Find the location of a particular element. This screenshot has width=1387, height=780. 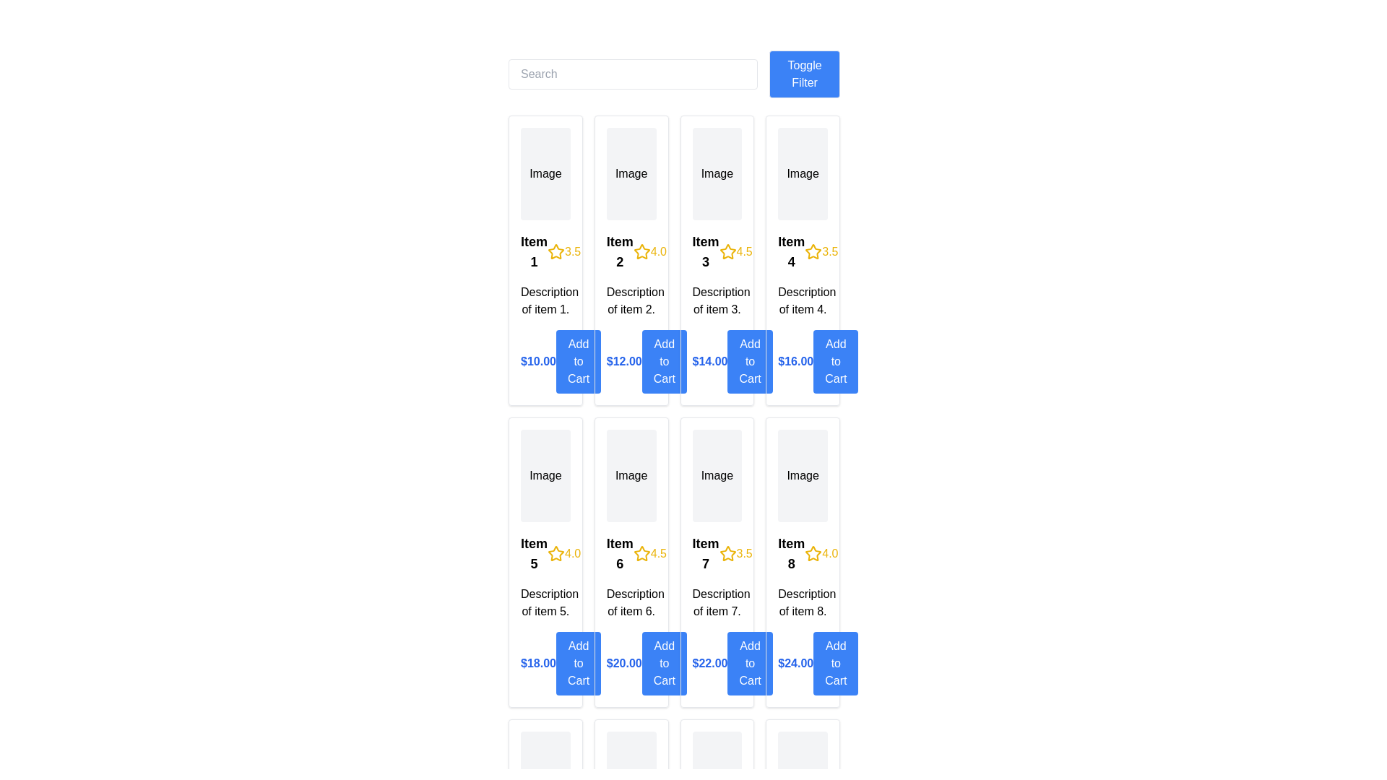

the 'Add to Cart' button with a blue background and rounded edges located in the second item card, positioned to the right of the price label ('$12.00') is located at coordinates (663, 361).